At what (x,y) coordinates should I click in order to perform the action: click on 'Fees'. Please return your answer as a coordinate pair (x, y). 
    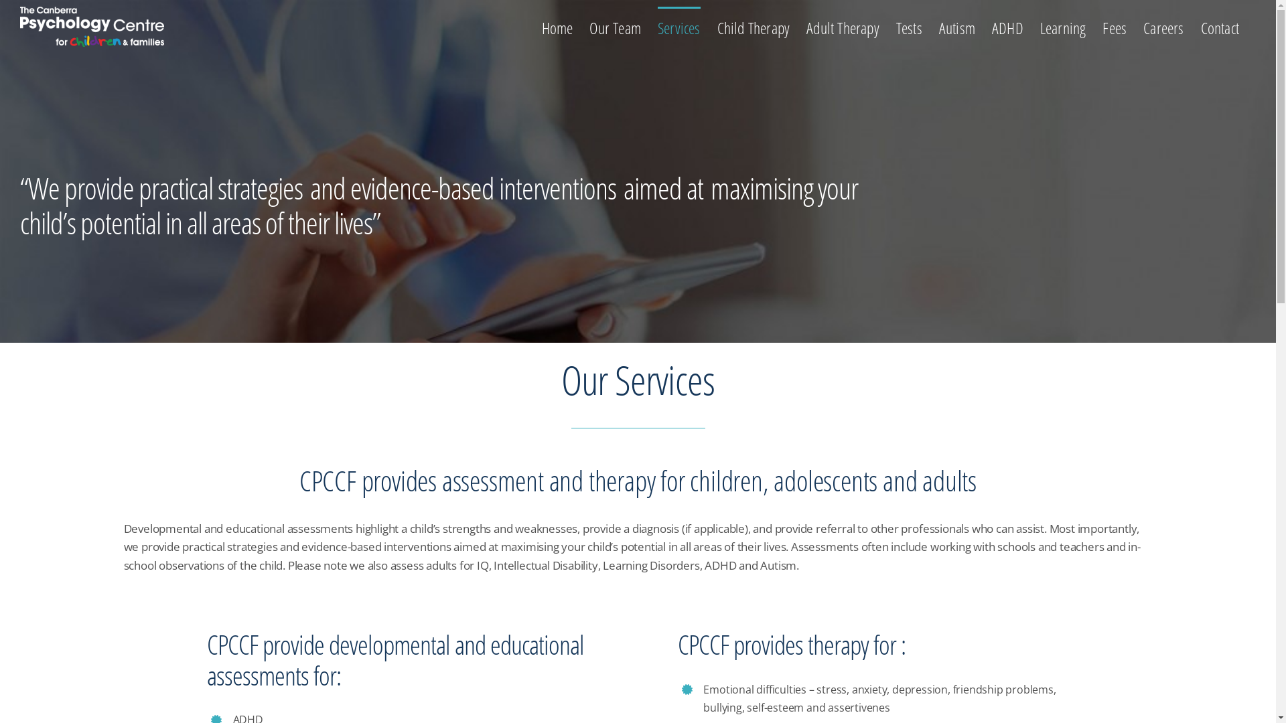
    Looking at the image, I should click on (1115, 26).